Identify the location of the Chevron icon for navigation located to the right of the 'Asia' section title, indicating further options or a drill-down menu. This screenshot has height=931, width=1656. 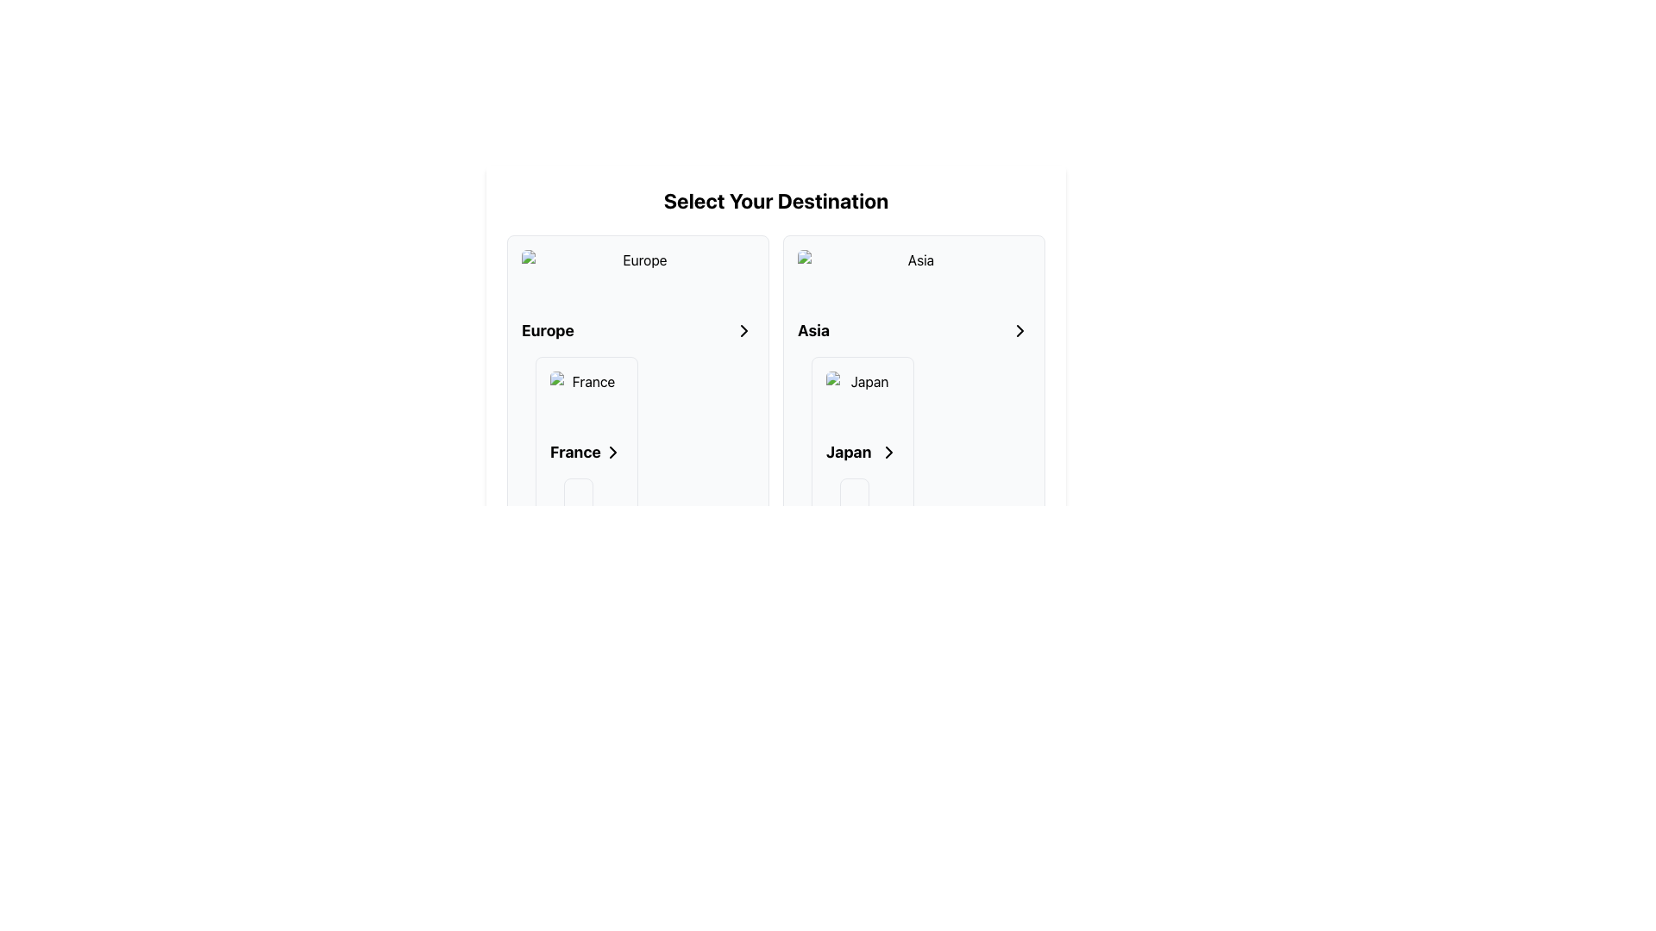
(1019, 331).